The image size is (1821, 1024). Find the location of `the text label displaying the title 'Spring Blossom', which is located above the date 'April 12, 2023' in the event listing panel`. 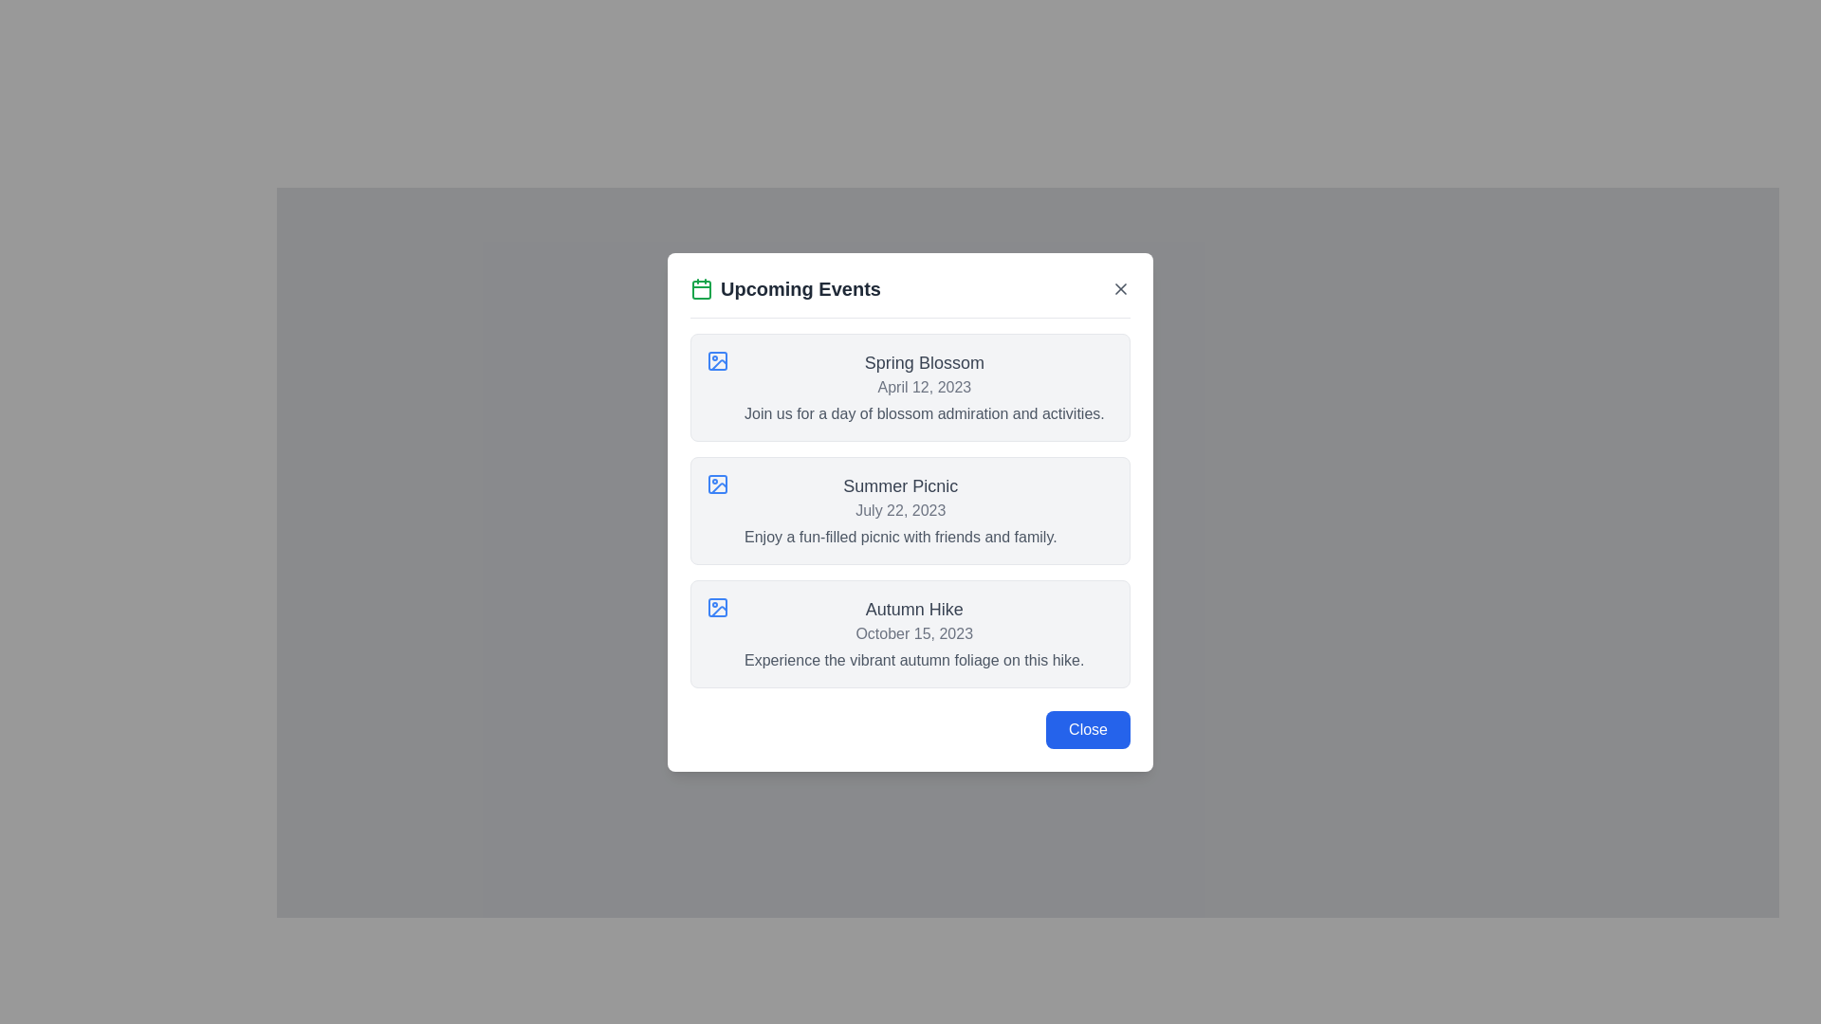

the text label displaying the title 'Spring Blossom', which is located above the date 'April 12, 2023' in the event listing panel is located at coordinates (924, 362).